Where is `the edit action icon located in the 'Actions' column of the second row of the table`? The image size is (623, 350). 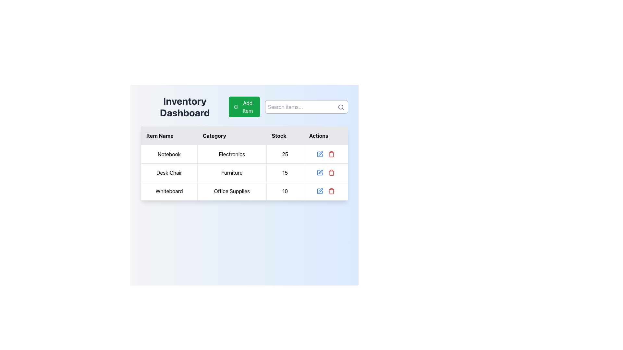 the edit action icon located in the 'Actions' column of the second row of the table is located at coordinates (321, 171).